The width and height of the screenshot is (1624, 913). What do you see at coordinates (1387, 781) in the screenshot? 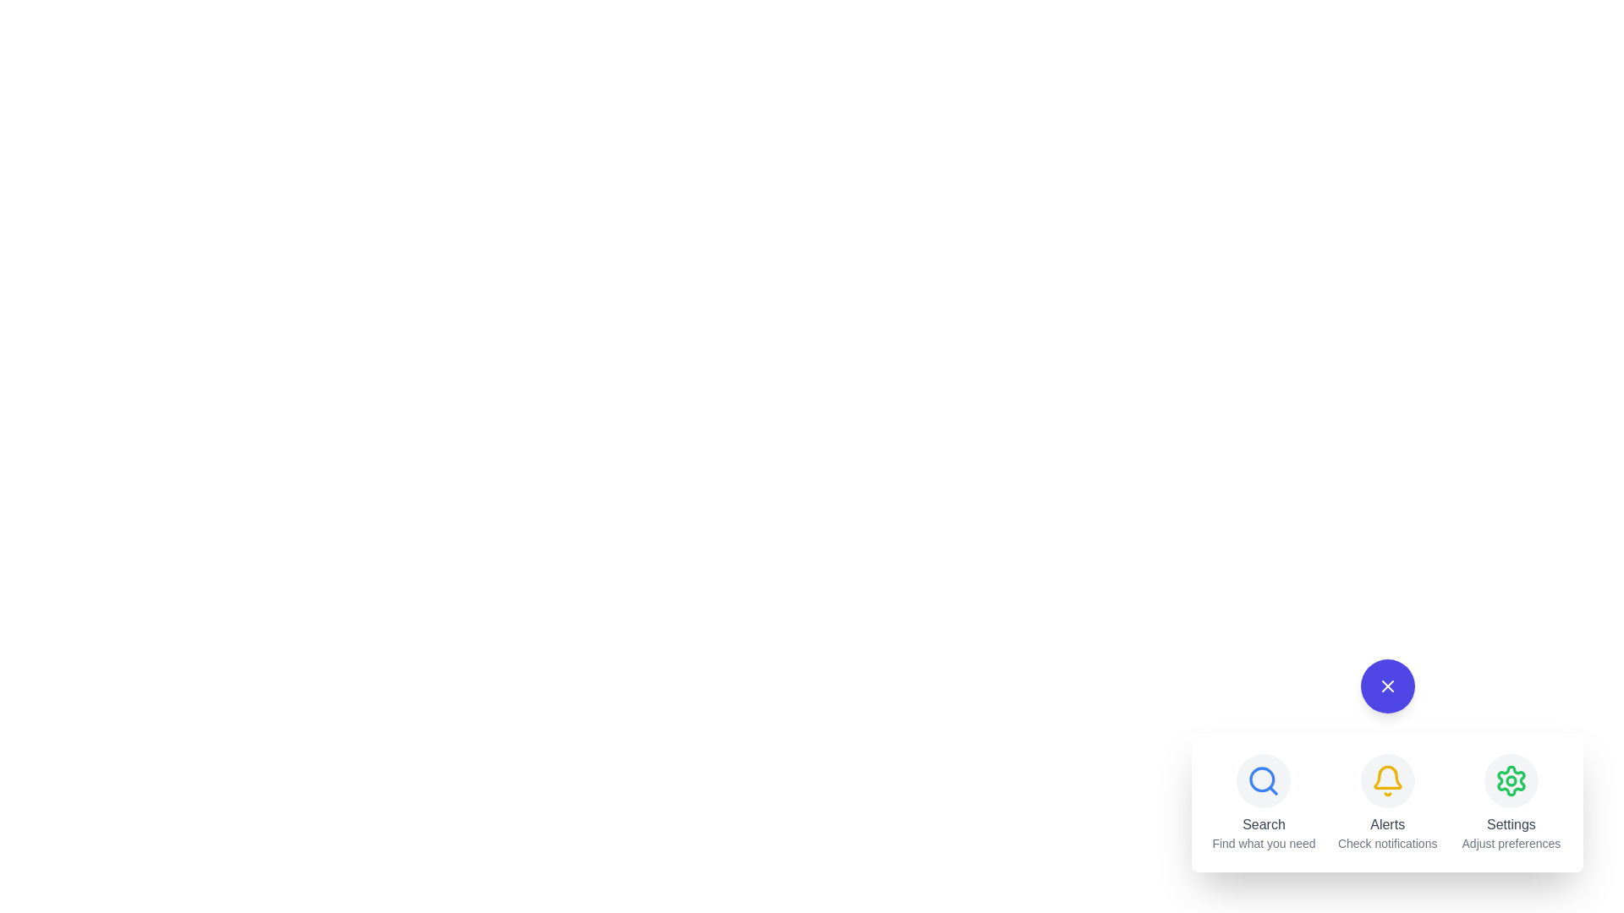
I see `the Alerts icon to observe its hover effect` at bounding box center [1387, 781].